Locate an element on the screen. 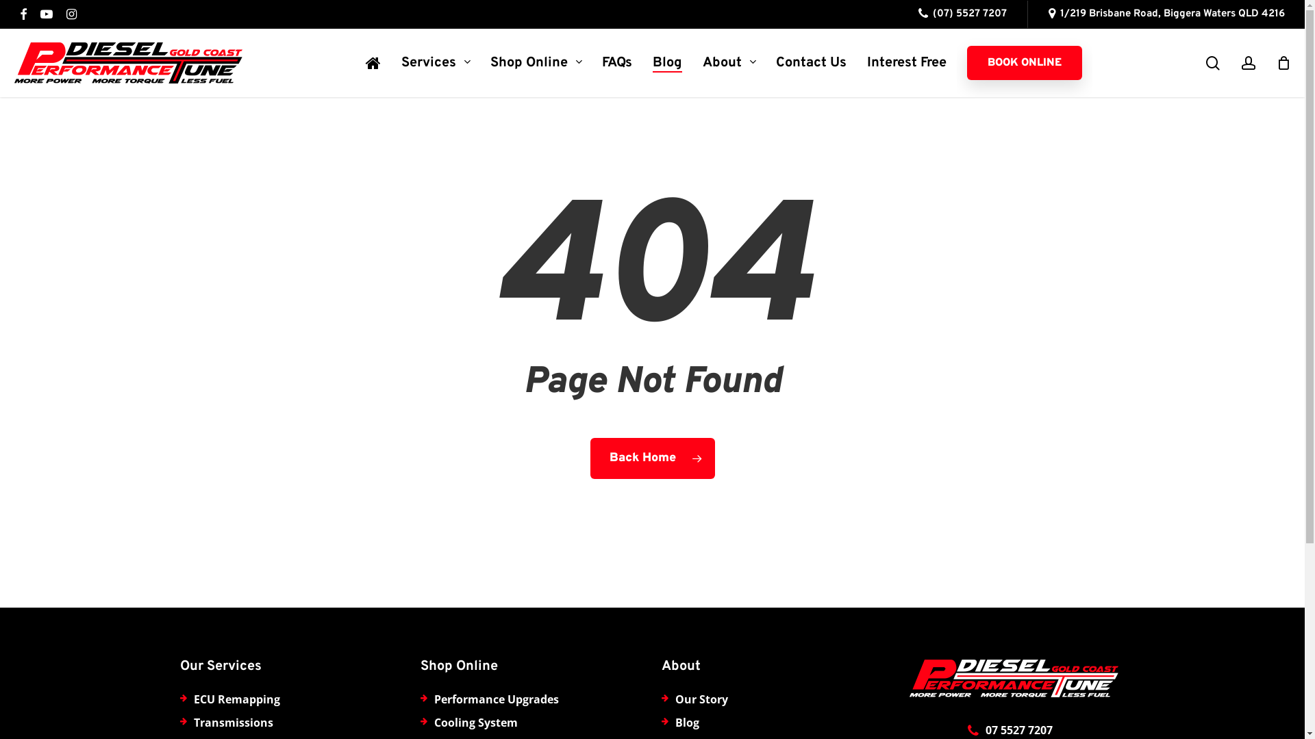  'youtube' is located at coordinates (46, 14).